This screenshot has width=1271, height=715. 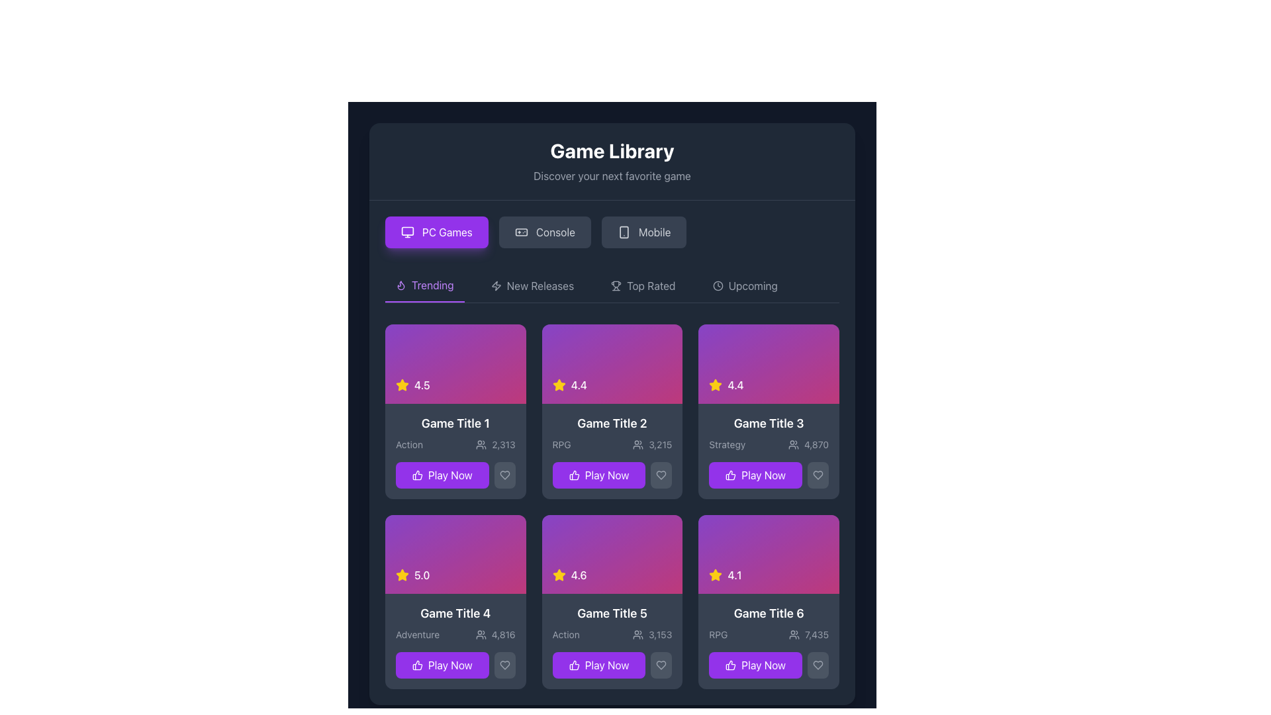 I want to click on the circular clock icon located beside the 'Upcoming' text in the navigation bar for informational purposes, so click(x=717, y=285).